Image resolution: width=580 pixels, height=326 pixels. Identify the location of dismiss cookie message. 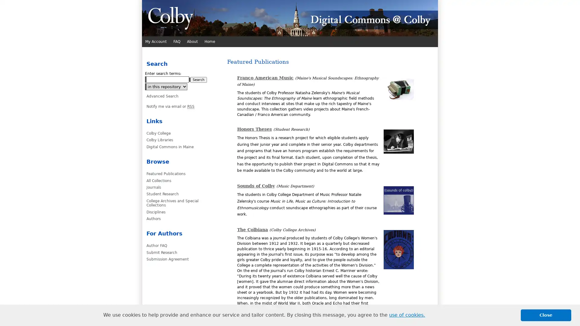
(546, 315).